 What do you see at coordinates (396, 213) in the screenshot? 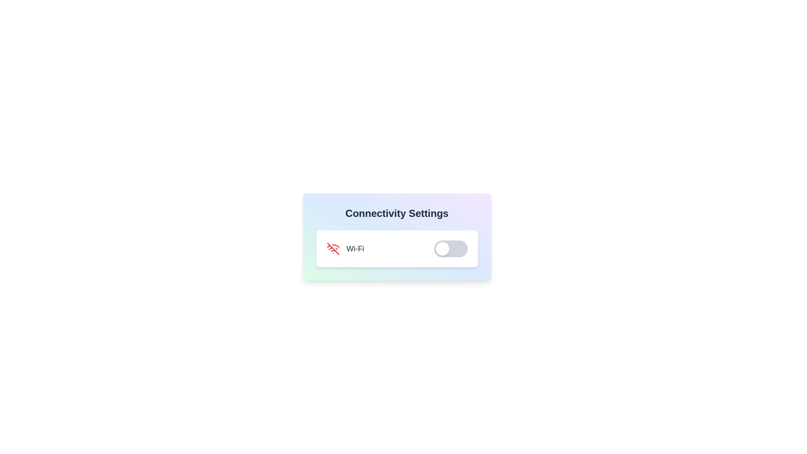
I see `the static text label that serves as the header for the connectivity settings section, positioned at the top of its colored, rounded rectangle card` at bounding box center [396, 213].